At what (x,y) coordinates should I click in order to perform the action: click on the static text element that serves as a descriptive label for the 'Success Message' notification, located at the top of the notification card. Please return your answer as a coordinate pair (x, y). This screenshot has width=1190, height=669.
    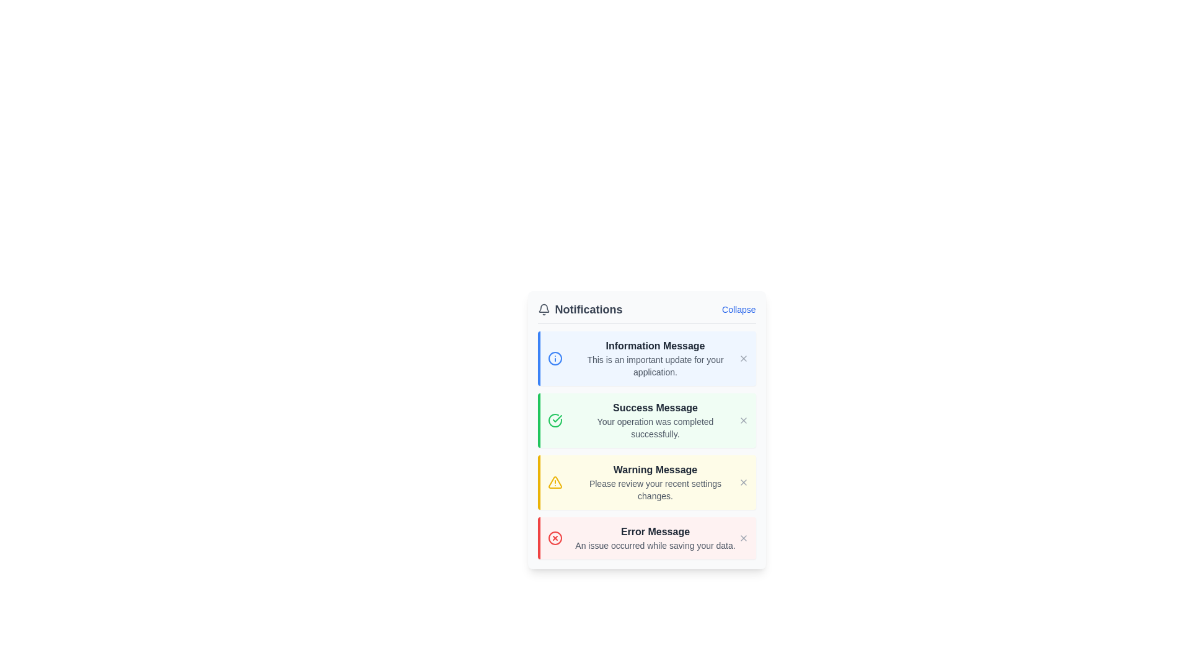
    Looking at the image, I should click on (654, 408).